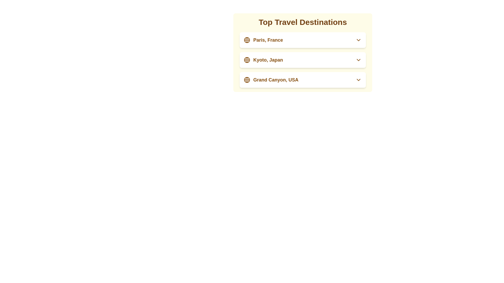  I want to click on the text label displaying 'Kyoto, Japan', so click(268, 59).